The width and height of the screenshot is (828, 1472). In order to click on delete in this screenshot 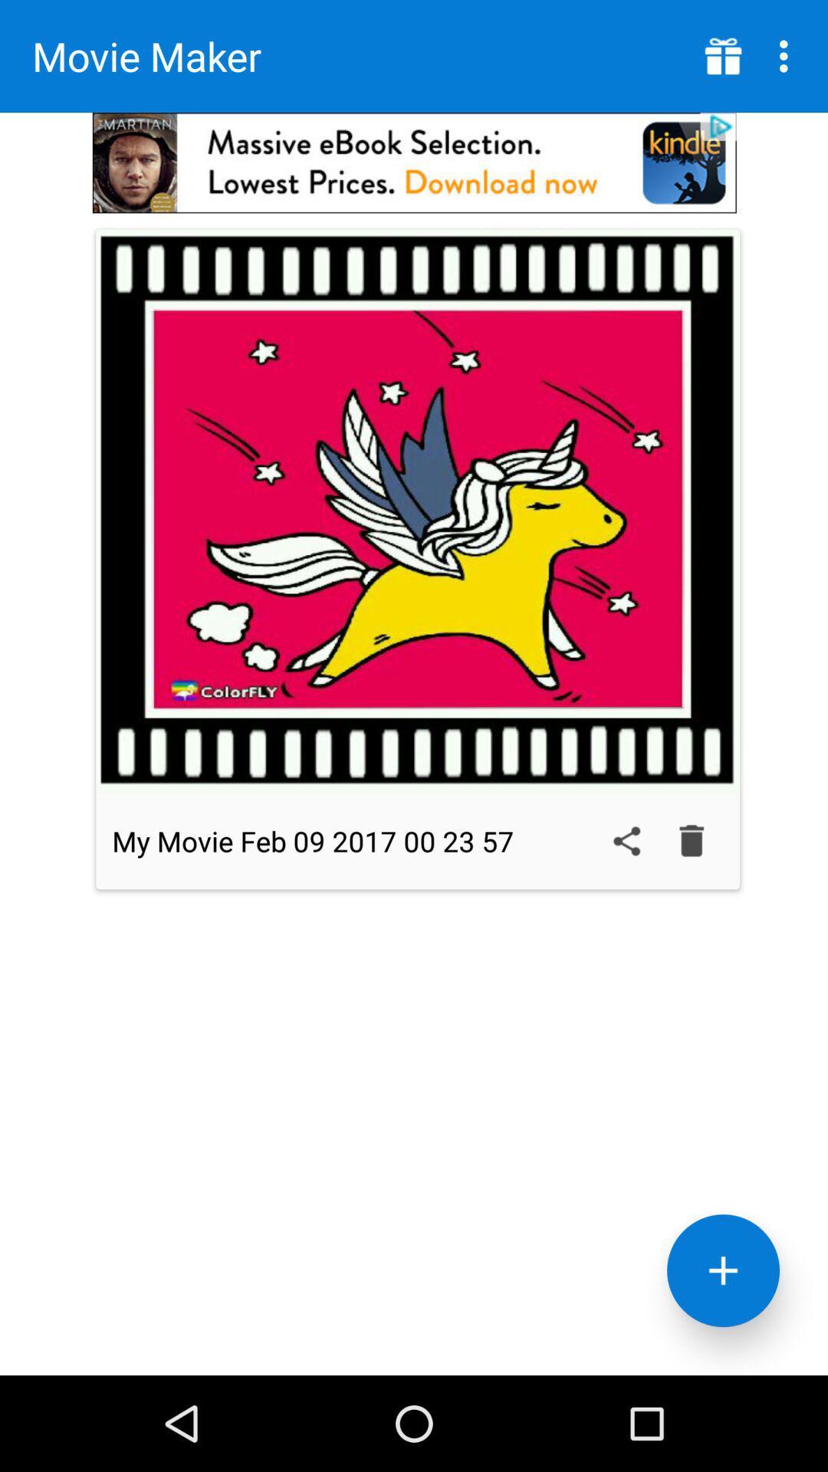, I will do `click(692, 840)`.